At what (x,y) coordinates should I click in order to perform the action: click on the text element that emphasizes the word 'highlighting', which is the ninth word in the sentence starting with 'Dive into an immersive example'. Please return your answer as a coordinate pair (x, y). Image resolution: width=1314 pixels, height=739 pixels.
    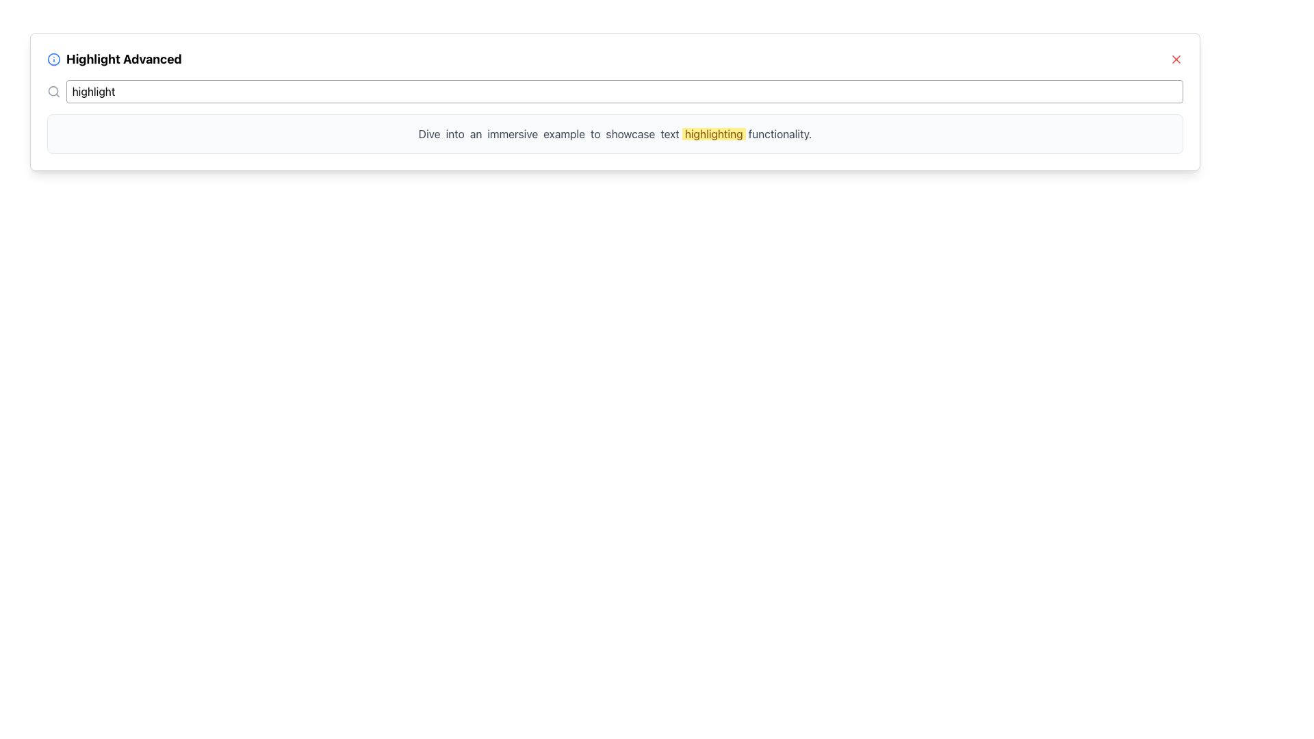
    Looking at the image, I should click on (713, 134).